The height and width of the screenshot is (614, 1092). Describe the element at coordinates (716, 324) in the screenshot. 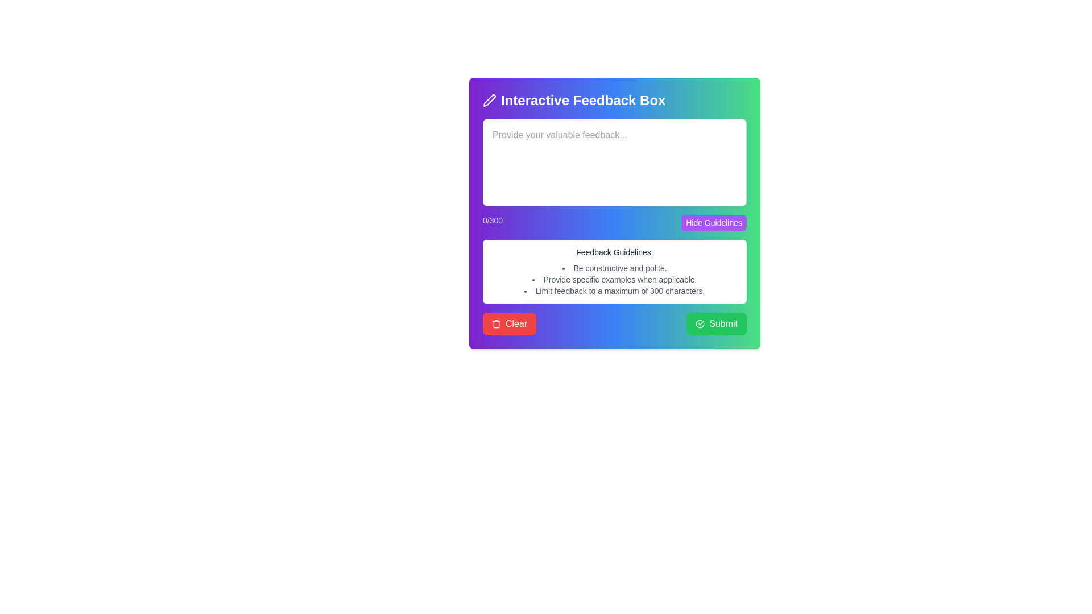

I see `the 'Submit' button, which is a rectangular button with a green background and white text including a checkmark icon` at that location.